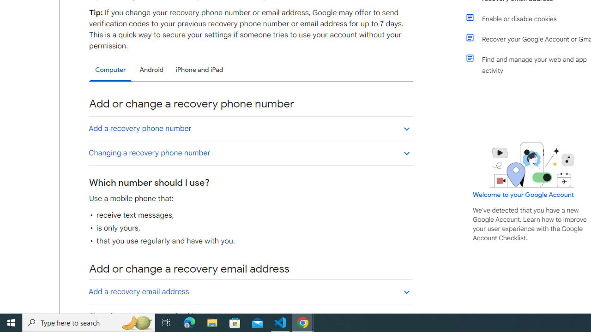  Describe the element at coordinates (524, 194) in the screenshot. I see `'Welcome to your Google Account'` at that location.